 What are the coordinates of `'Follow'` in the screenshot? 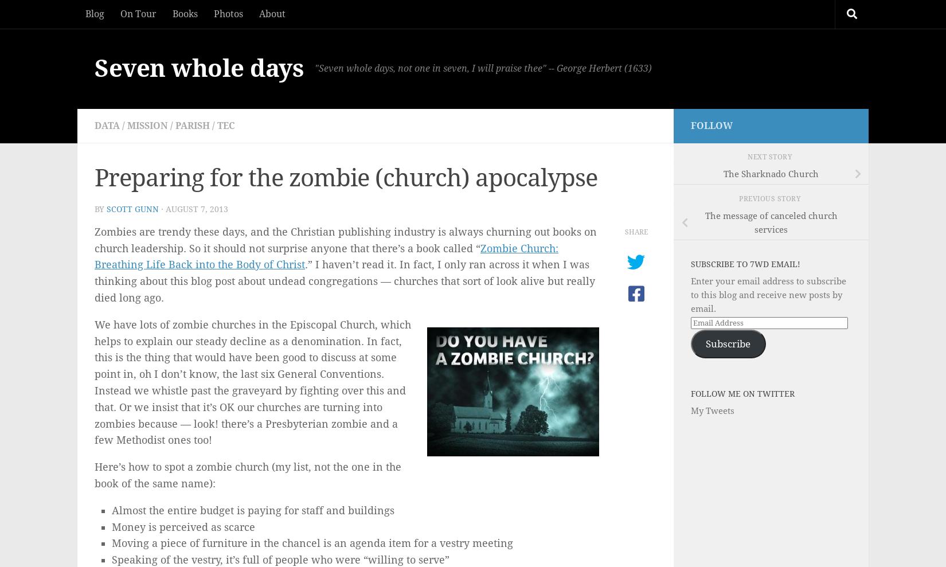 It's located at (711, 126).